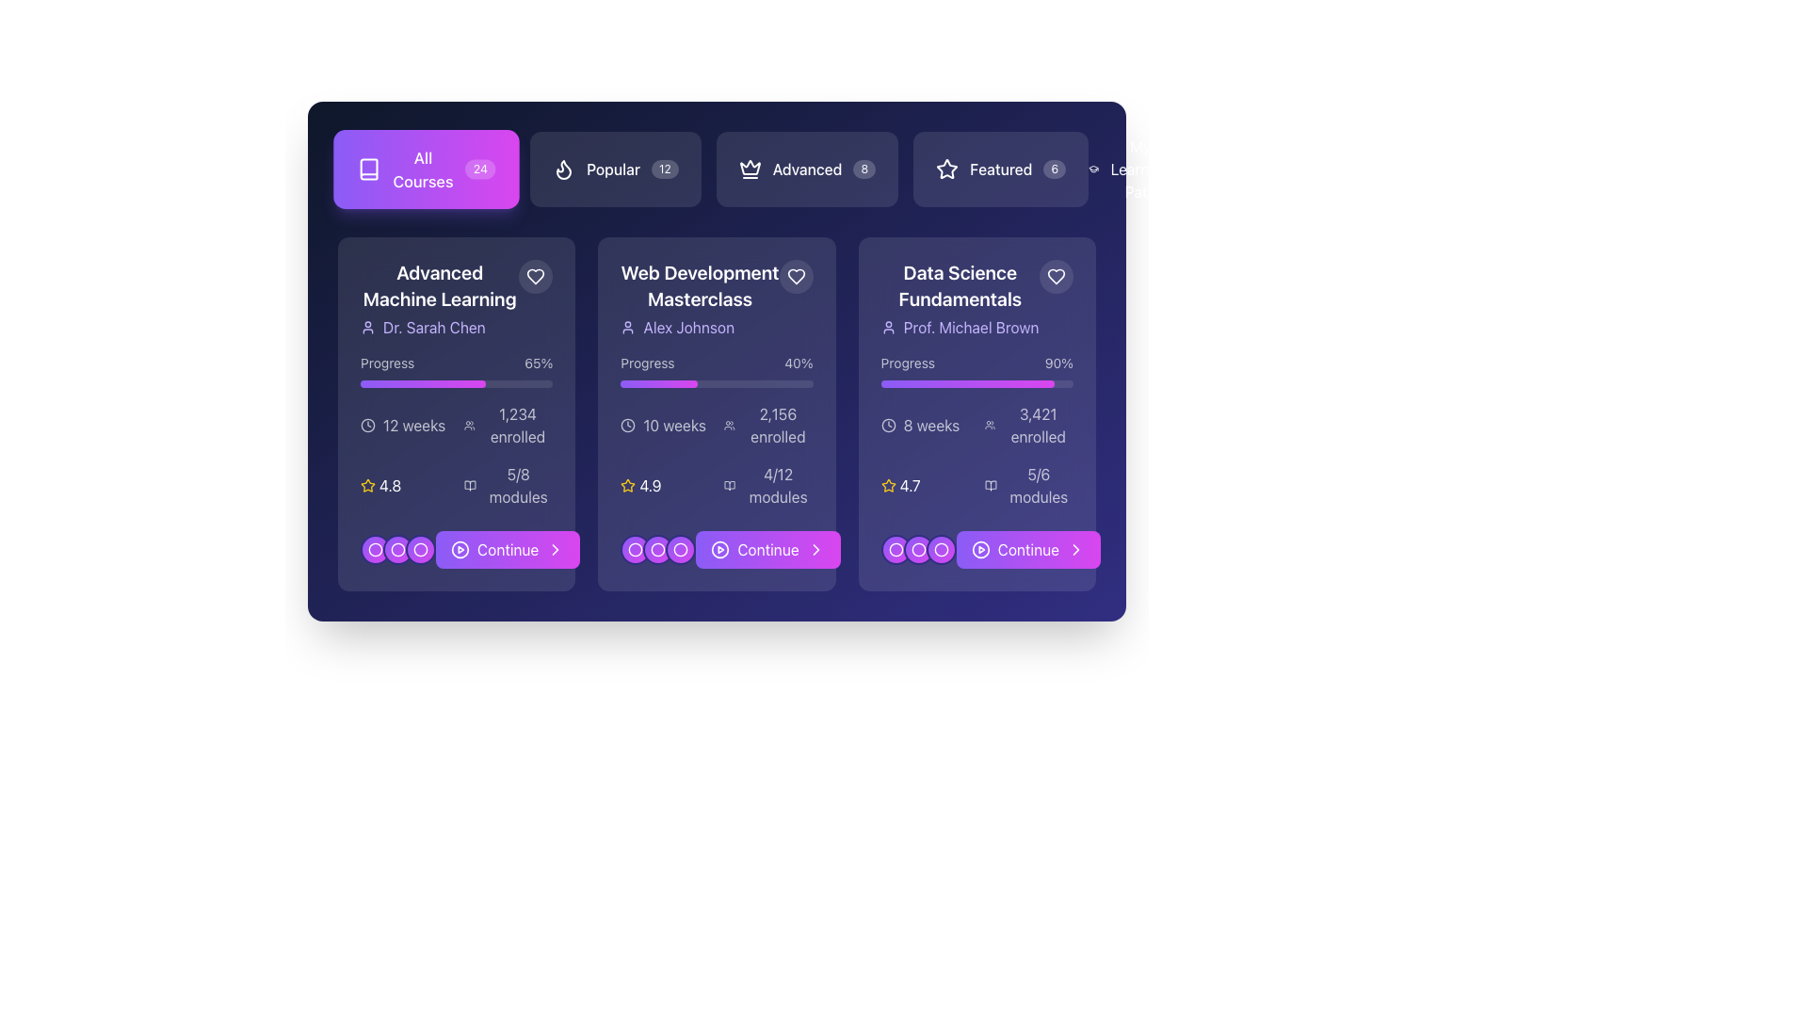 The image size is (1808, 1017). Describe the element at coordinates (658, 549) in the screenshot. I see `the circular progress indicator with a filled purple color and white border located in the second course card at the center of the interface for information` at that location.